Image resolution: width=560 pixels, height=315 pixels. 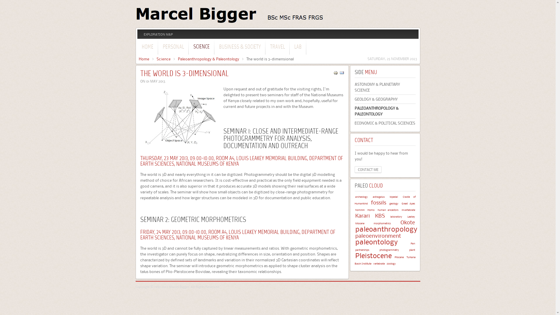 What do you see at coordinates (354, 260) in the screenshot?
I see `'Turkana Basin Institute'` at bounding box center [354, 260].